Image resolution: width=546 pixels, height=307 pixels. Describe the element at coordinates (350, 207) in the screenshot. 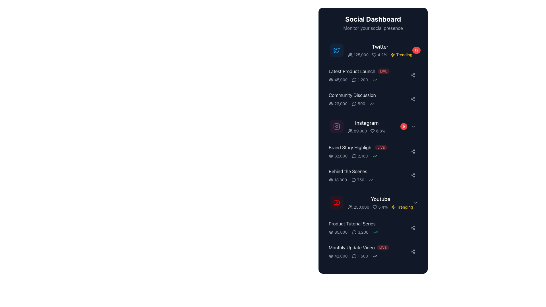

I see `the icon depicting a group of people located to the left of the text '250,000' in the 'Youtube' section of the dashboard` at that location.